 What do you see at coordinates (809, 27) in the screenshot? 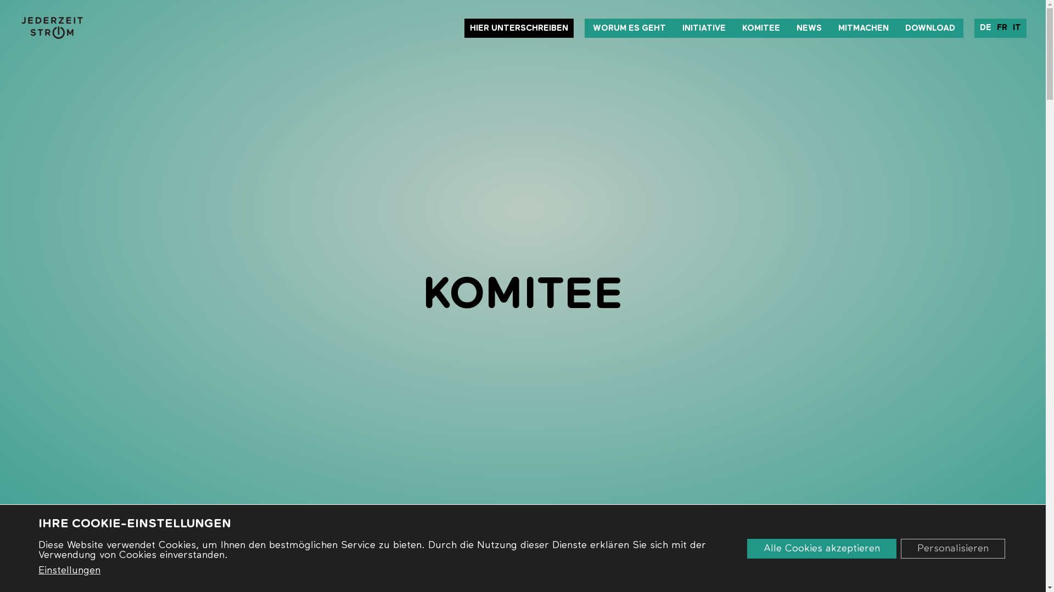
I see `'NEWS'` at bounding box center [809, 27].